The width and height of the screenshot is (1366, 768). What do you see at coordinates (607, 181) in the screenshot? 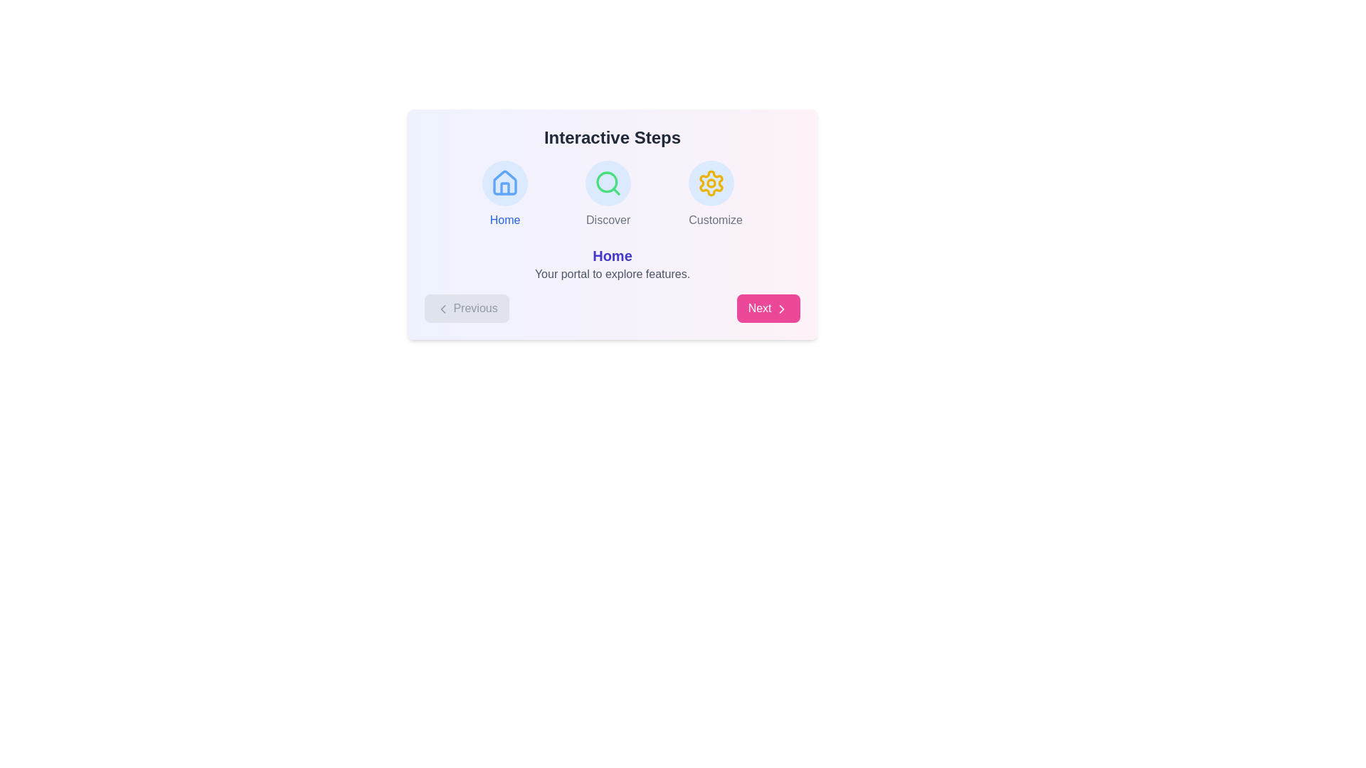
I see `the small circle within the green outlined magnifying glass icon that represents the 'Discover' function` at bounding box center [607, 181].